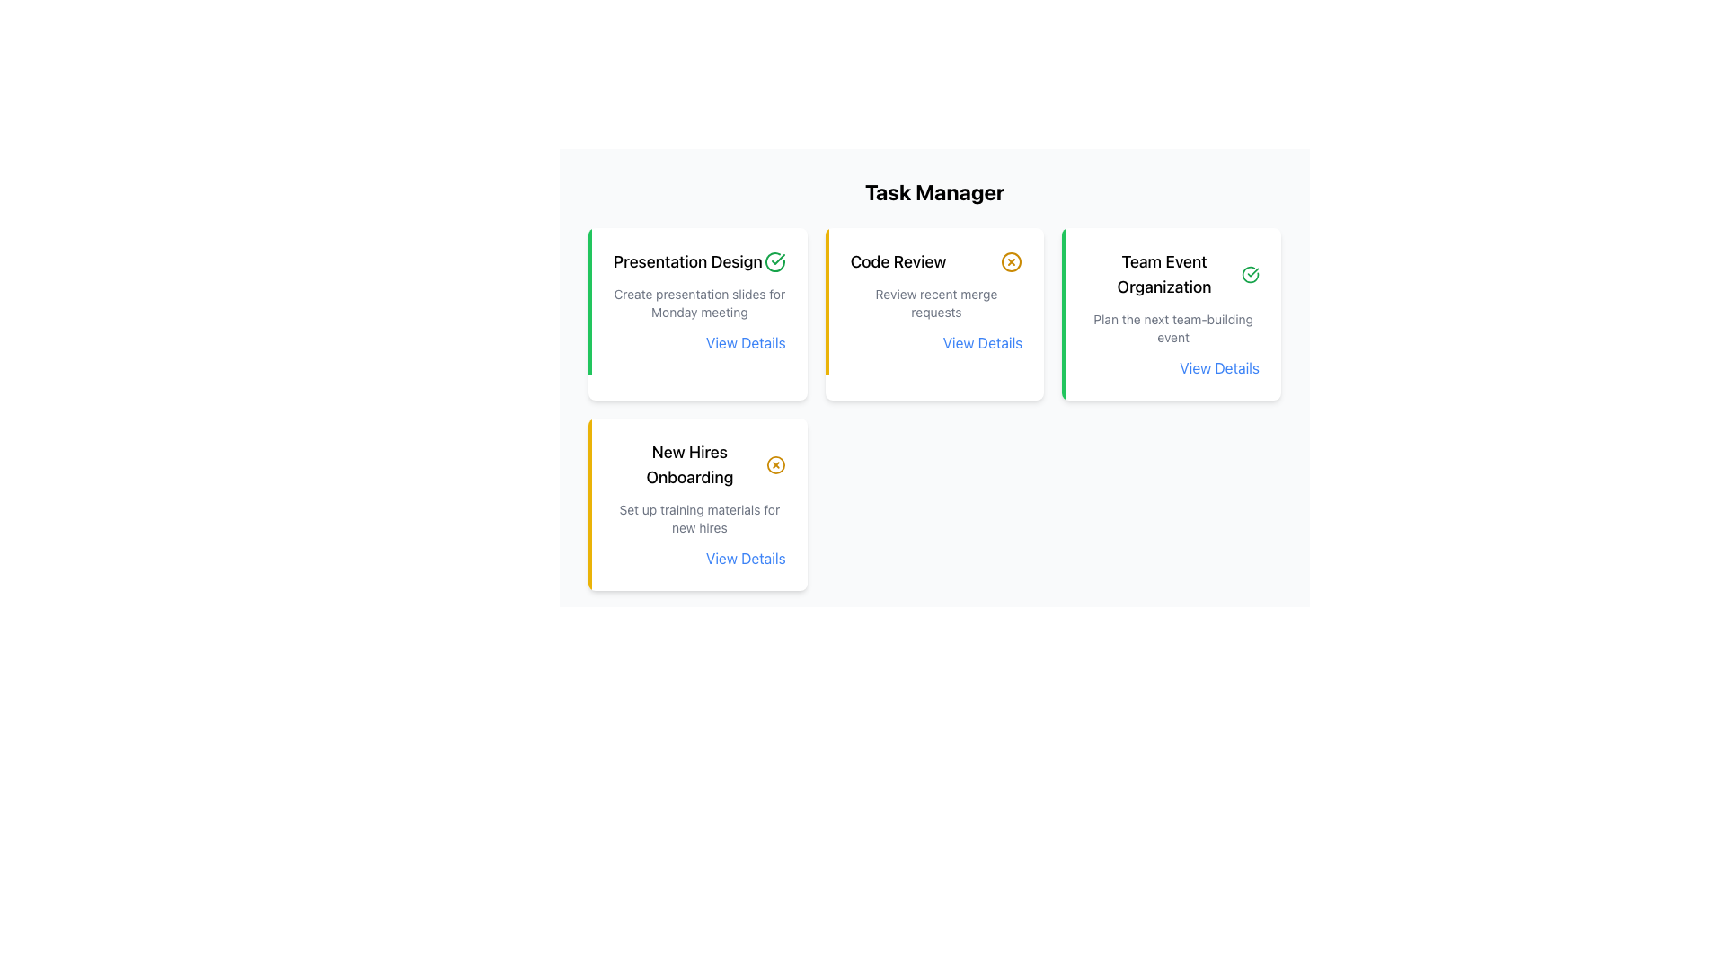 This screenshot has width=1725, height=970. What do you see at coordinates (774, 262) in the screenshot?
I see `the green circle icon with a white checkmark located to the right of the 'Presentation Design' text in the first card of the 'Task Manager' interface` at bounding box center [774, 262].